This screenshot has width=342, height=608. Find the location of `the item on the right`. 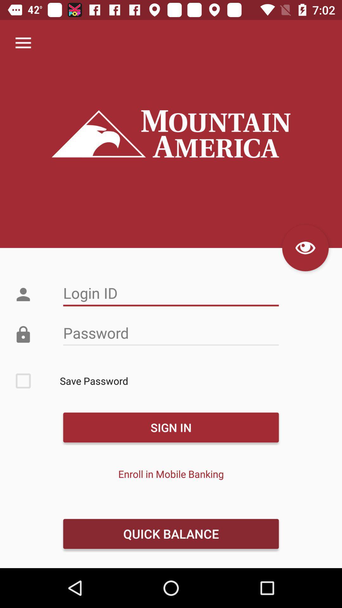

the item on the right is located at coordinates (305, 247).